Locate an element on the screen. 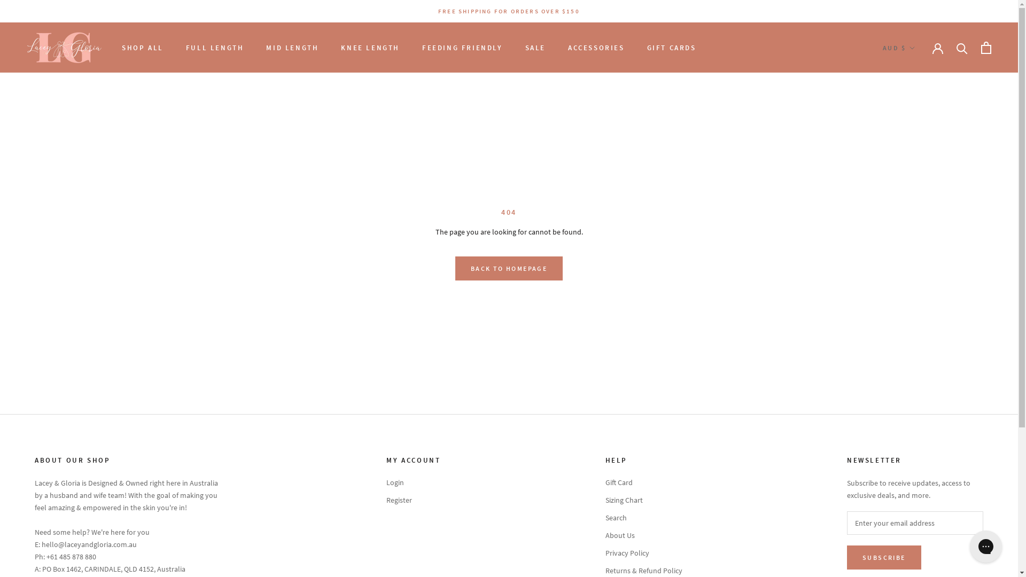 The image size is (1026, 577). 'Search' is located at coordinates (643, 517).